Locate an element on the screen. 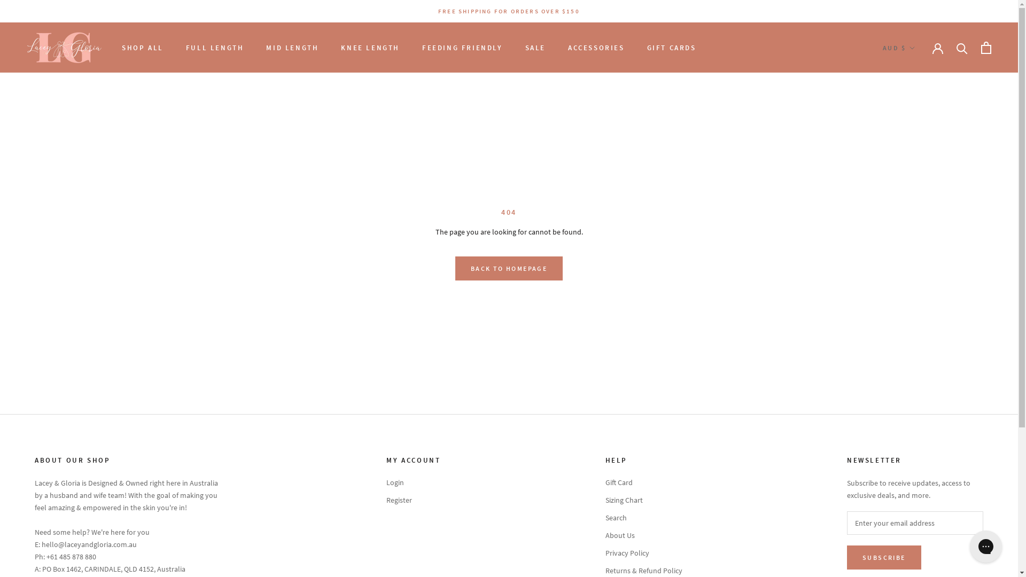 The image size is (1026, 577). 'Search' is located at coordinates (643, 517).